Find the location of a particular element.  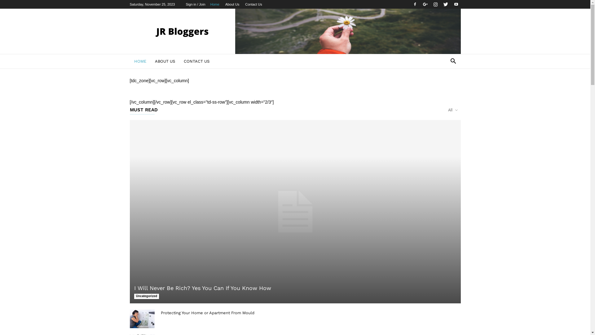

'Protecting Your Home or Apartment From Mould' is located at coordinates (161, 313).